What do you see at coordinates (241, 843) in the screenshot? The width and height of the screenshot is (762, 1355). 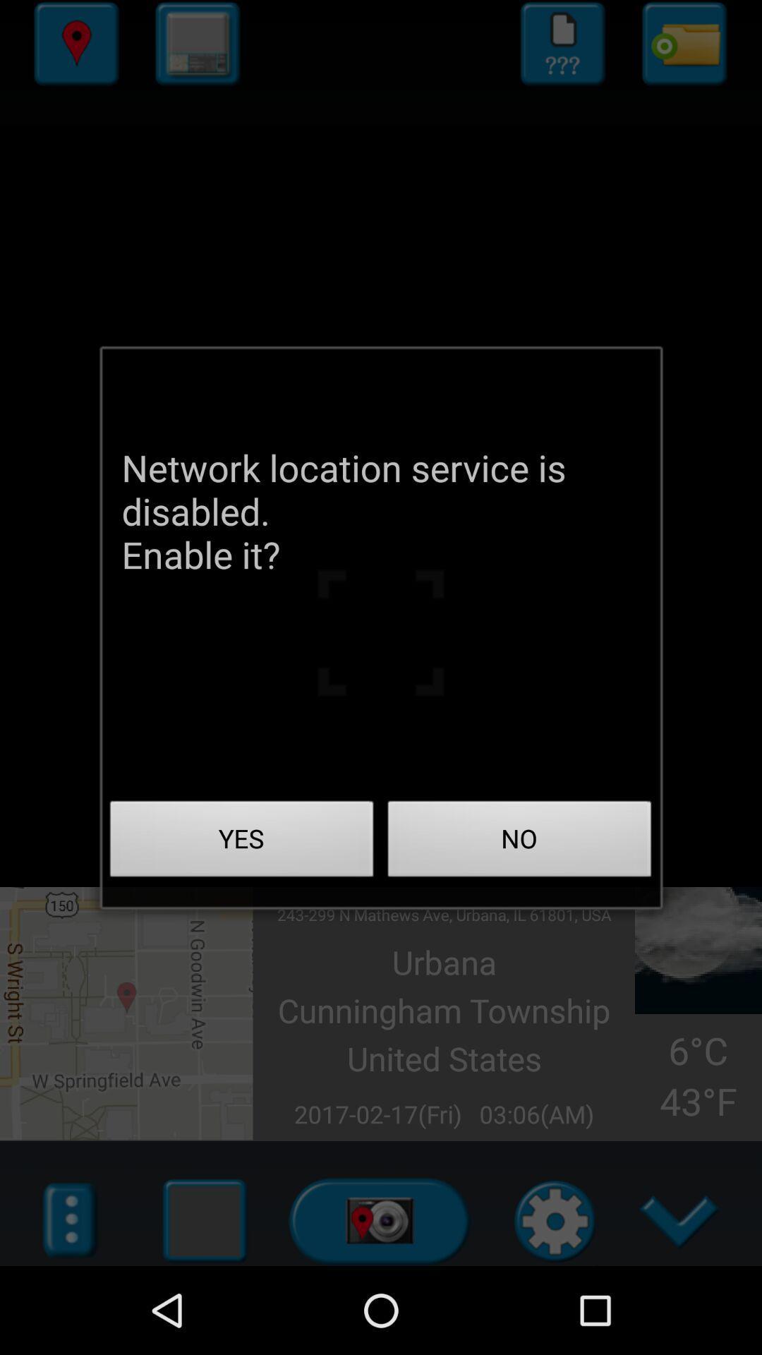 I see `the yes item` at bounding box center [241, 843].